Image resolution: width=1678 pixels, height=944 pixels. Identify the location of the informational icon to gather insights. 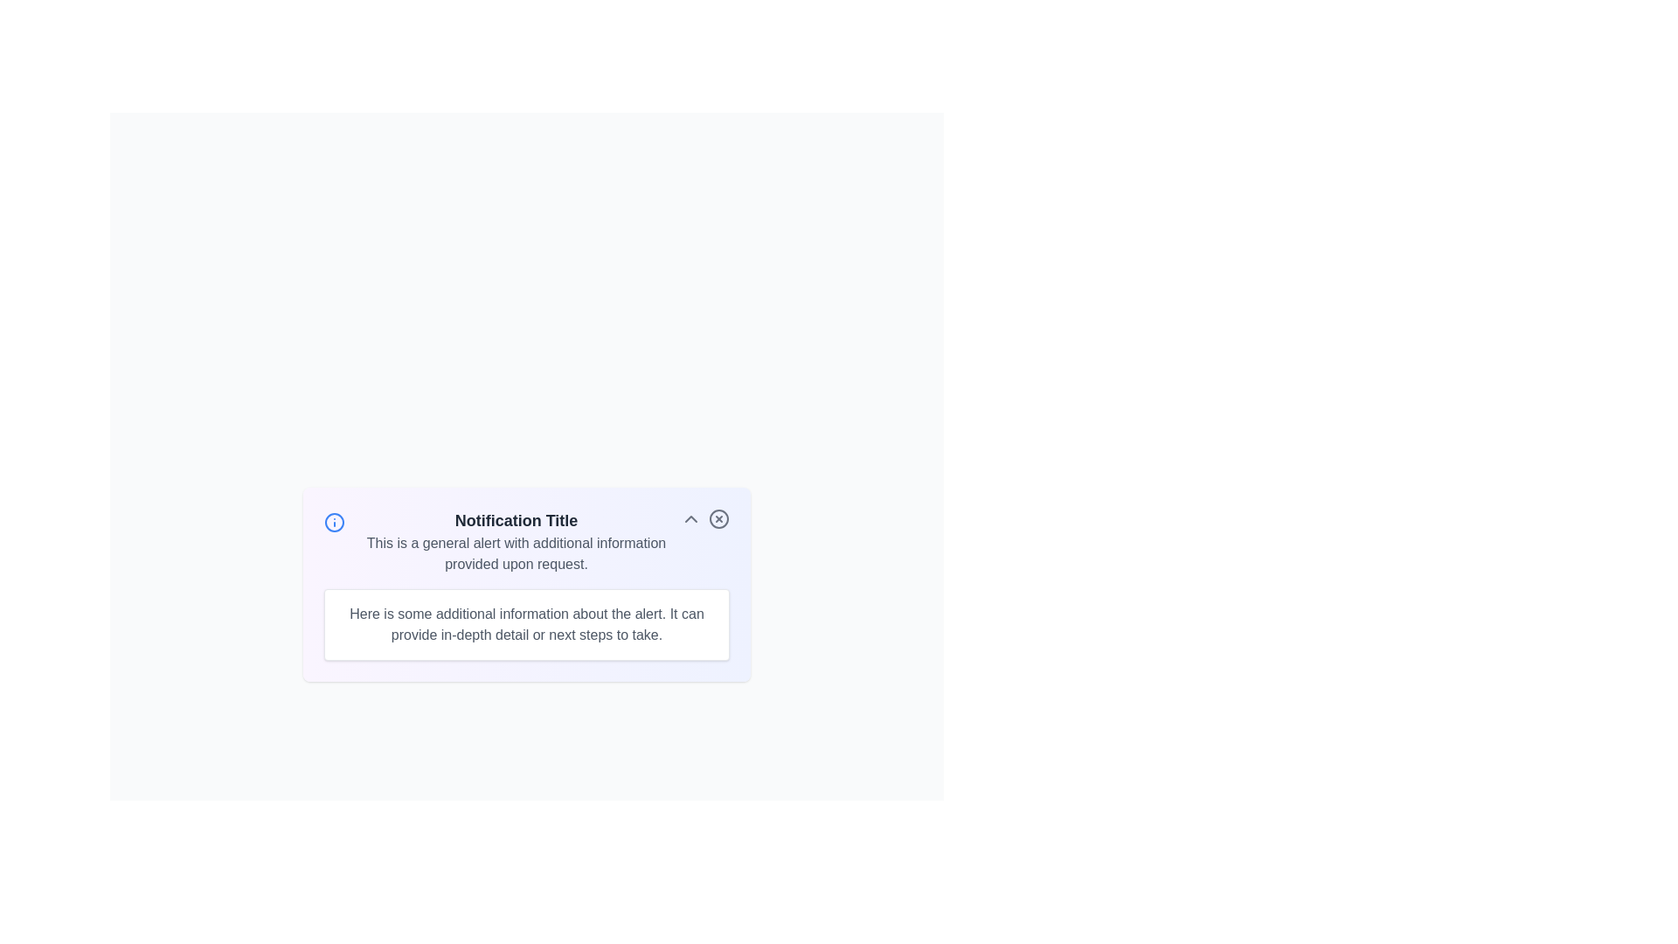
(335, 521).